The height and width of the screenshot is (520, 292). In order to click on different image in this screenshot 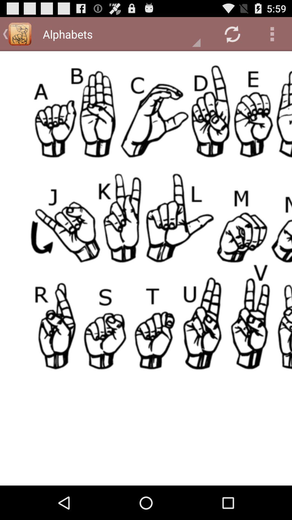, I will do `click(146, 268)`.